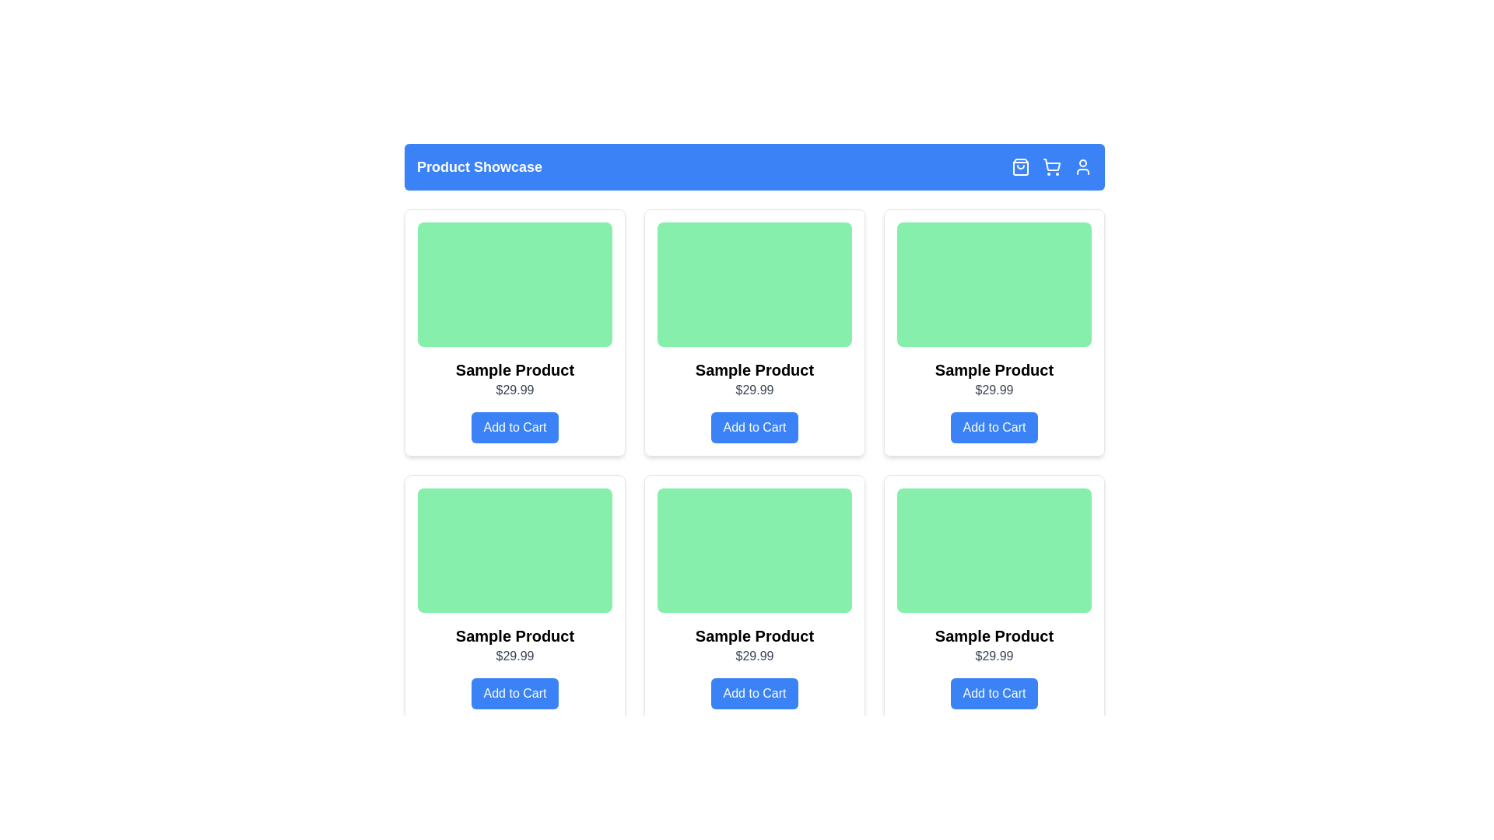  I want to click on the 'Add to Cart' button located at the bottom of the first item card in the three-column grid layout, so click(515, 692).